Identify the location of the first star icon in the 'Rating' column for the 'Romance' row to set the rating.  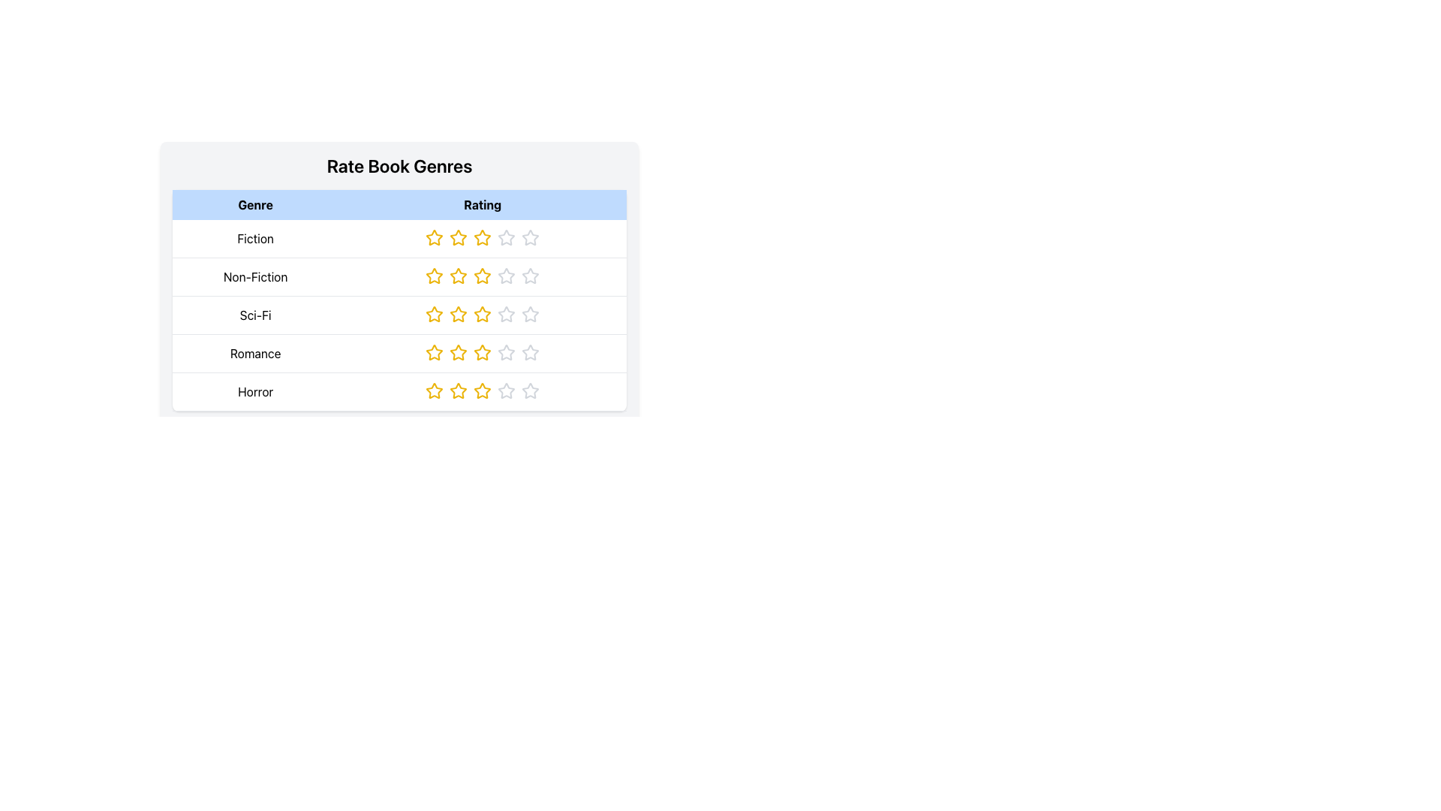
(434, 353).